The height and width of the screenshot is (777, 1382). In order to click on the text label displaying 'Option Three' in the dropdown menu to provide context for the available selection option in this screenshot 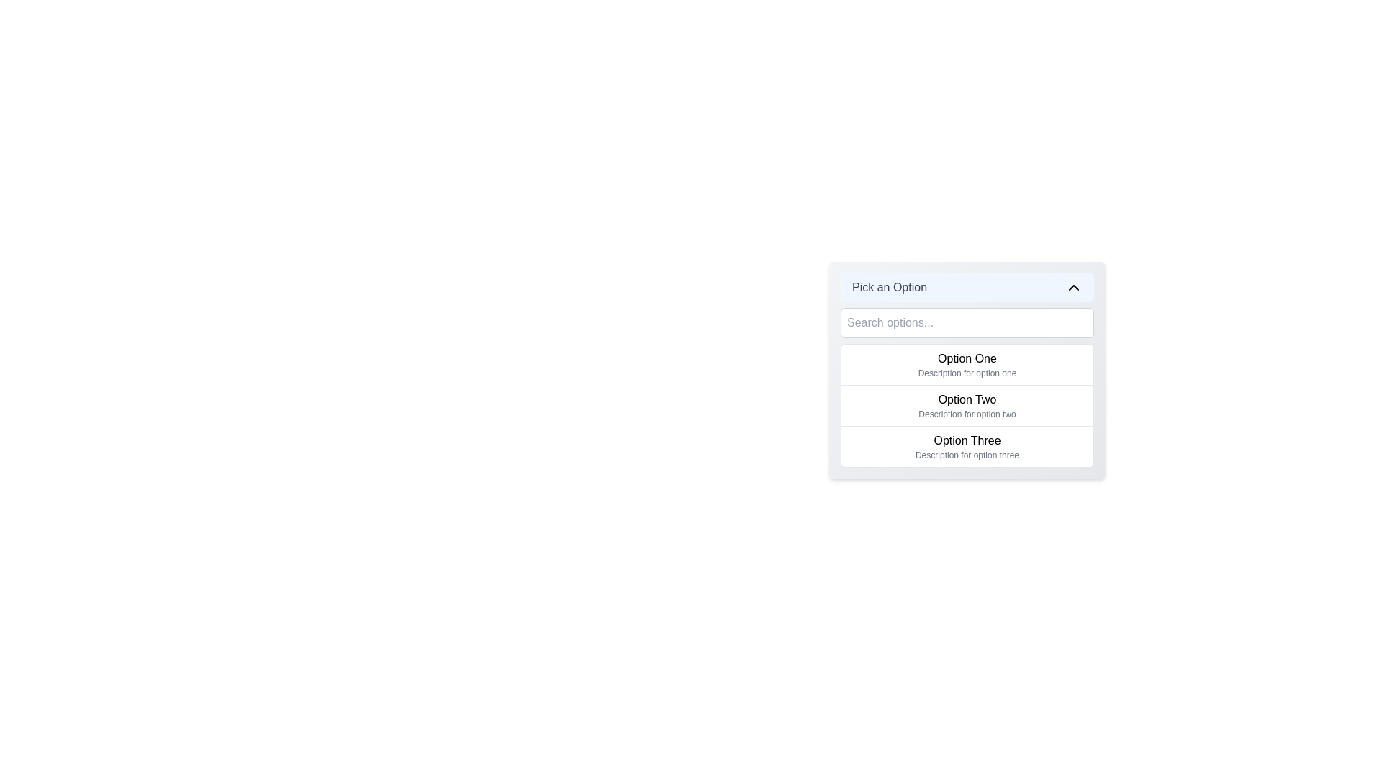, I will do `click(967, 440)`.